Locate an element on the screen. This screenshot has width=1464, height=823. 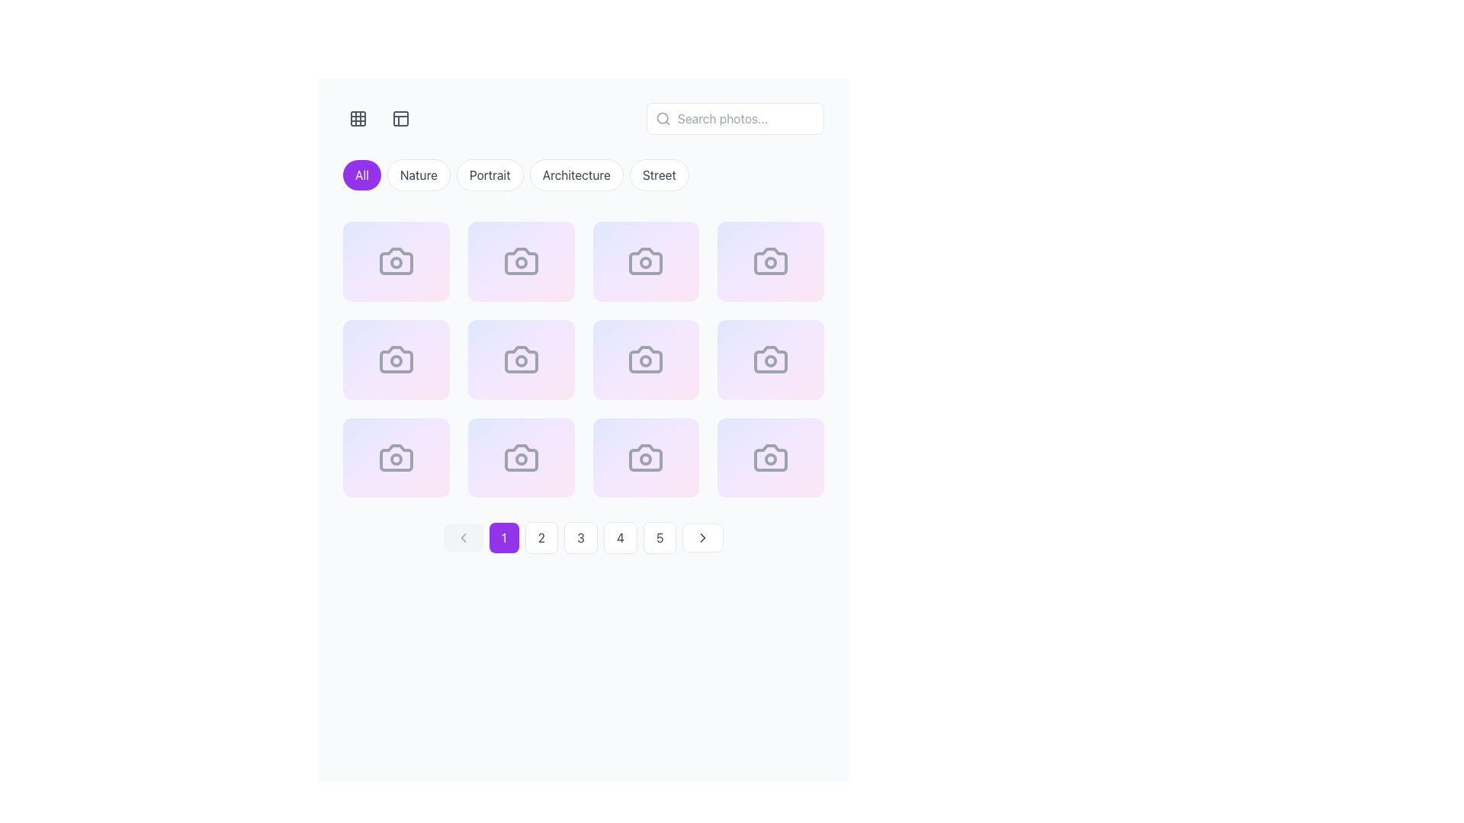
the decorative circle element that symbolizes the lens of the camera icon located in the second row and third column of the grid layout is located at coordinates (646, 361).